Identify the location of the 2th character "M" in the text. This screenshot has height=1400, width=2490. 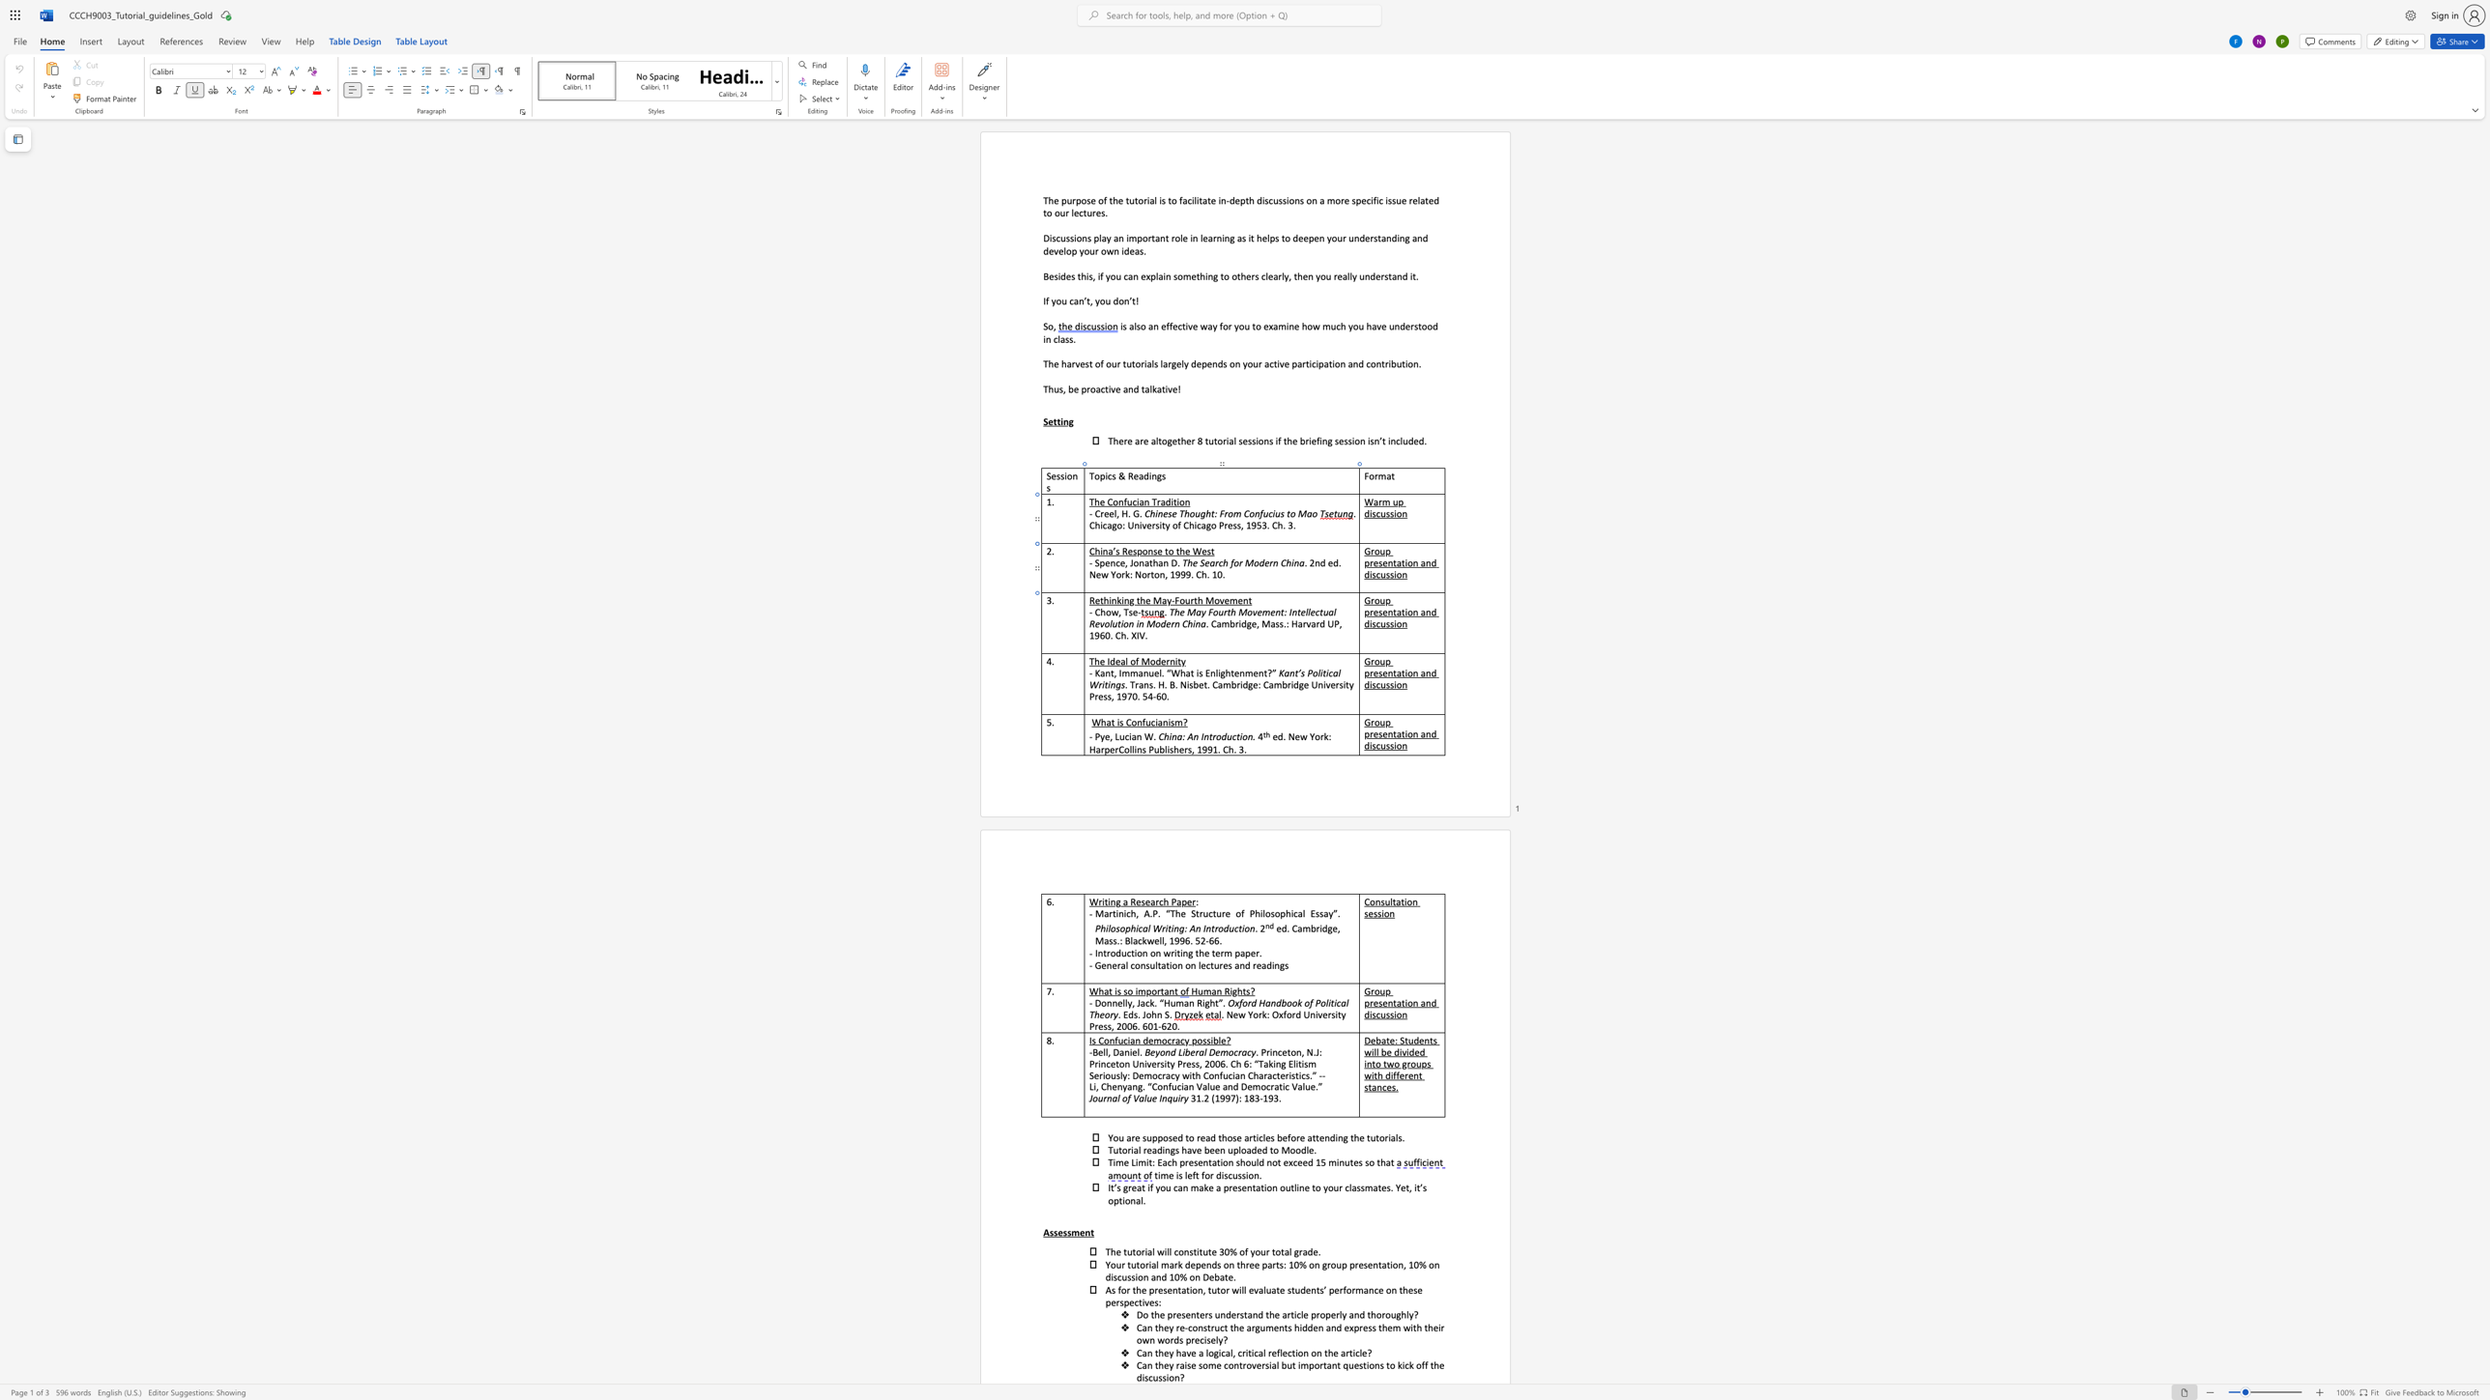
(1208, 600).